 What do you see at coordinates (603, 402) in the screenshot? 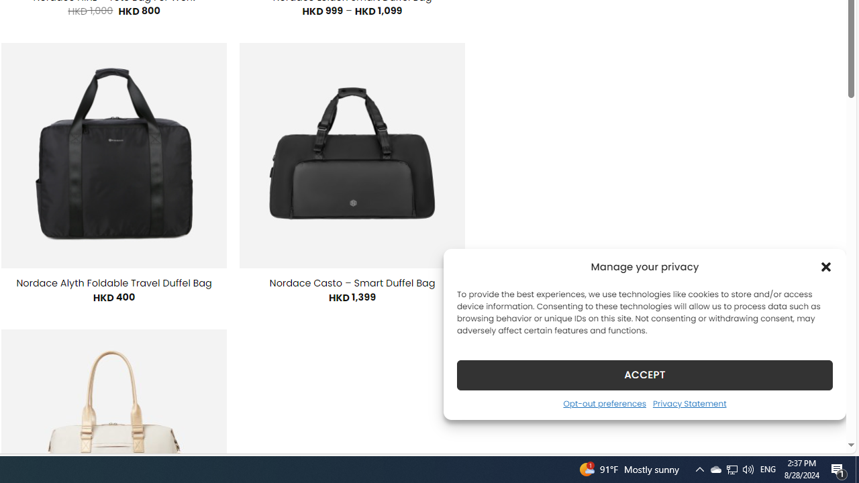
I see `'Opt-out preferences'` at bounding box center [603, 402].